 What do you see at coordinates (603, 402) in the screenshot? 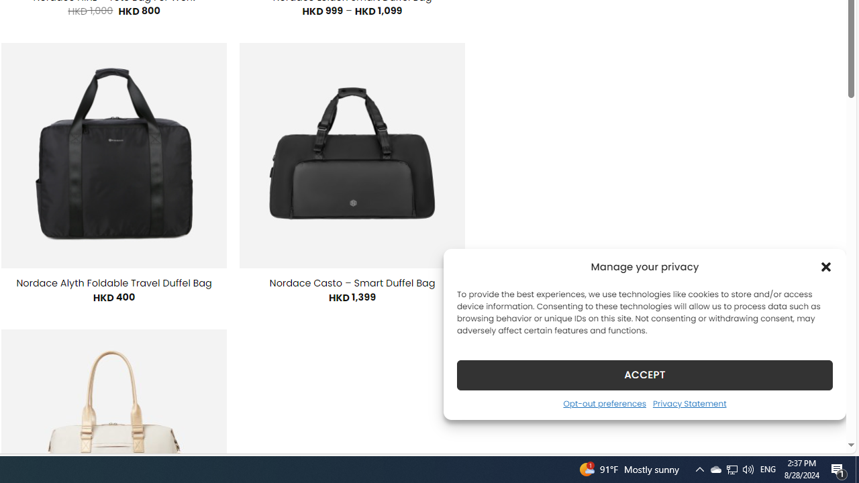
I see `'Opt-out preferences'` at bounding box center [603, 402].